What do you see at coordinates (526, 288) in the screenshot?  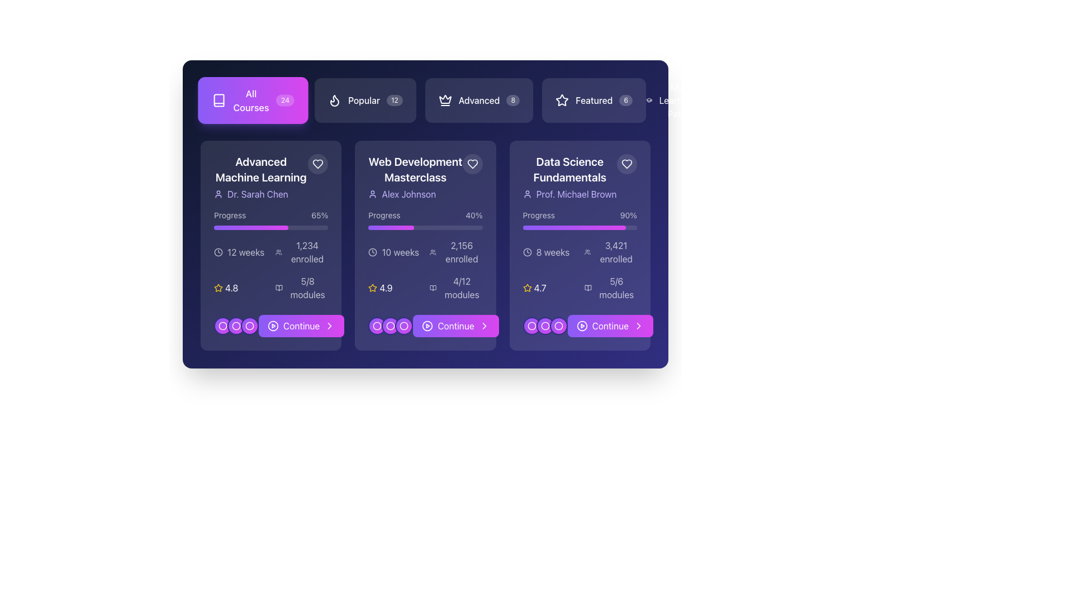 I see `the star icon representing a rating score of 4.7, which is styled in gold and located in the bottom section of the 'Data Science Fundamentals' course card` at bounding box center [526, 288].